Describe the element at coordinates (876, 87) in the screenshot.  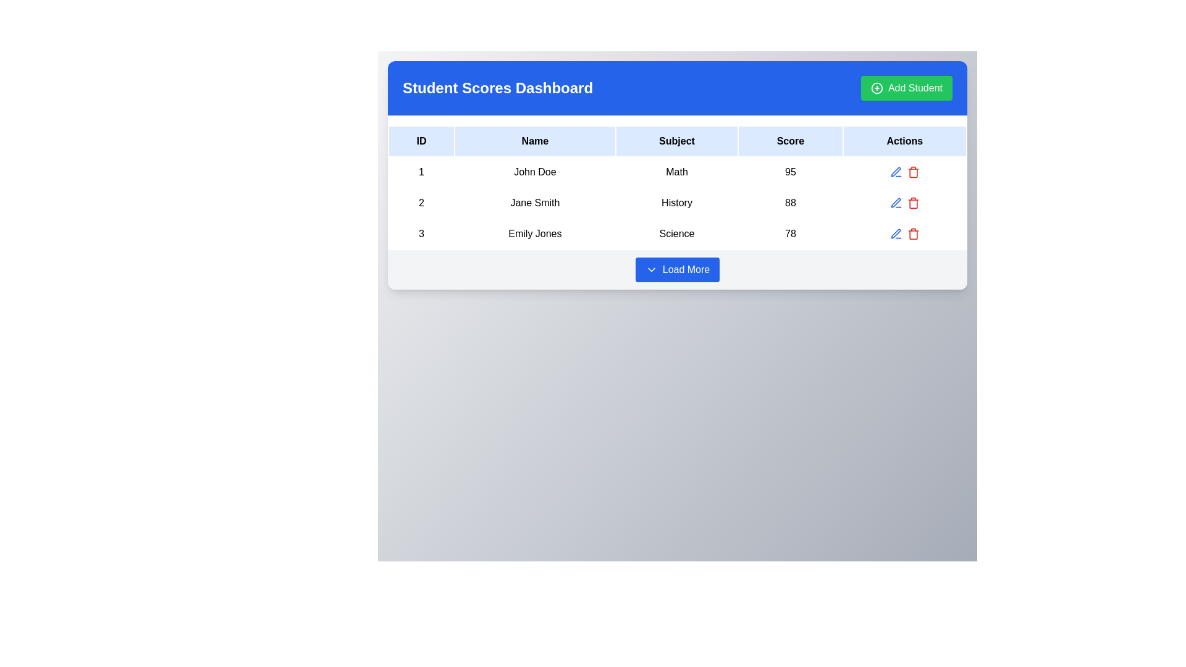
I see `the circular '+' icon inside the 'Add Student' button located in the top-right corner of the dashboard header area` at that location.